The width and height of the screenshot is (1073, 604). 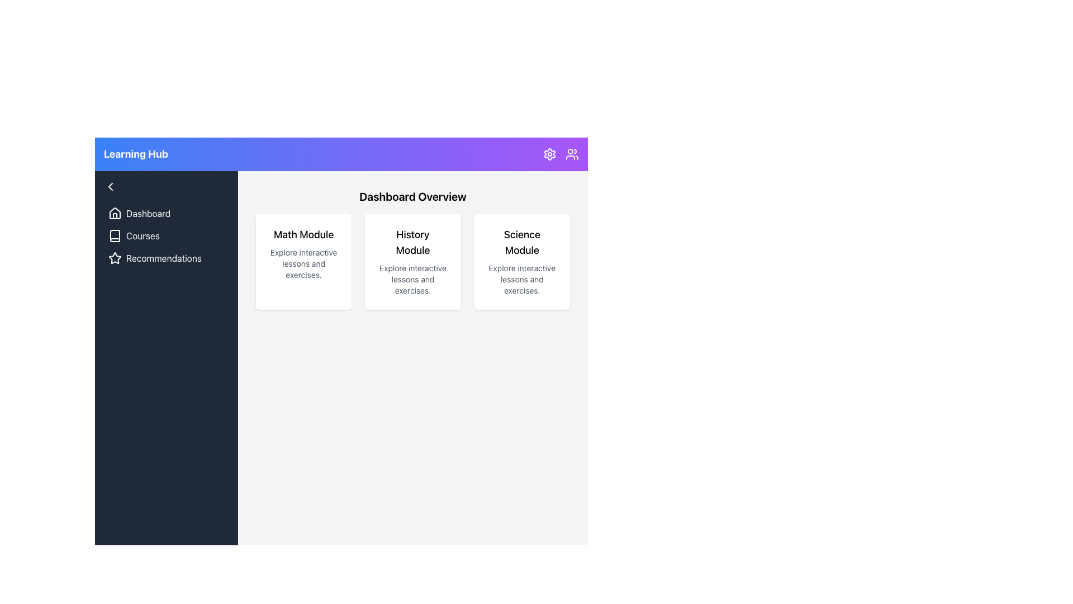 I want to click on the 'Dashboard' button in the sidebar, so click(x=165, y=213).